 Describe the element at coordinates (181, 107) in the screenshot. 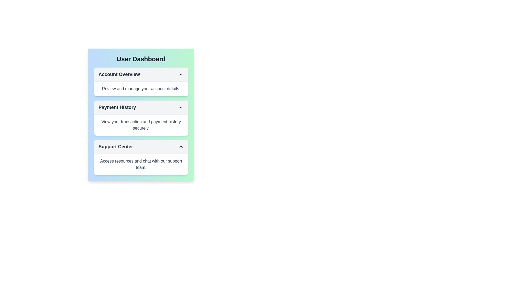

I see `the Toggle icon located at the far right of the 'Payment History' row` at that location.